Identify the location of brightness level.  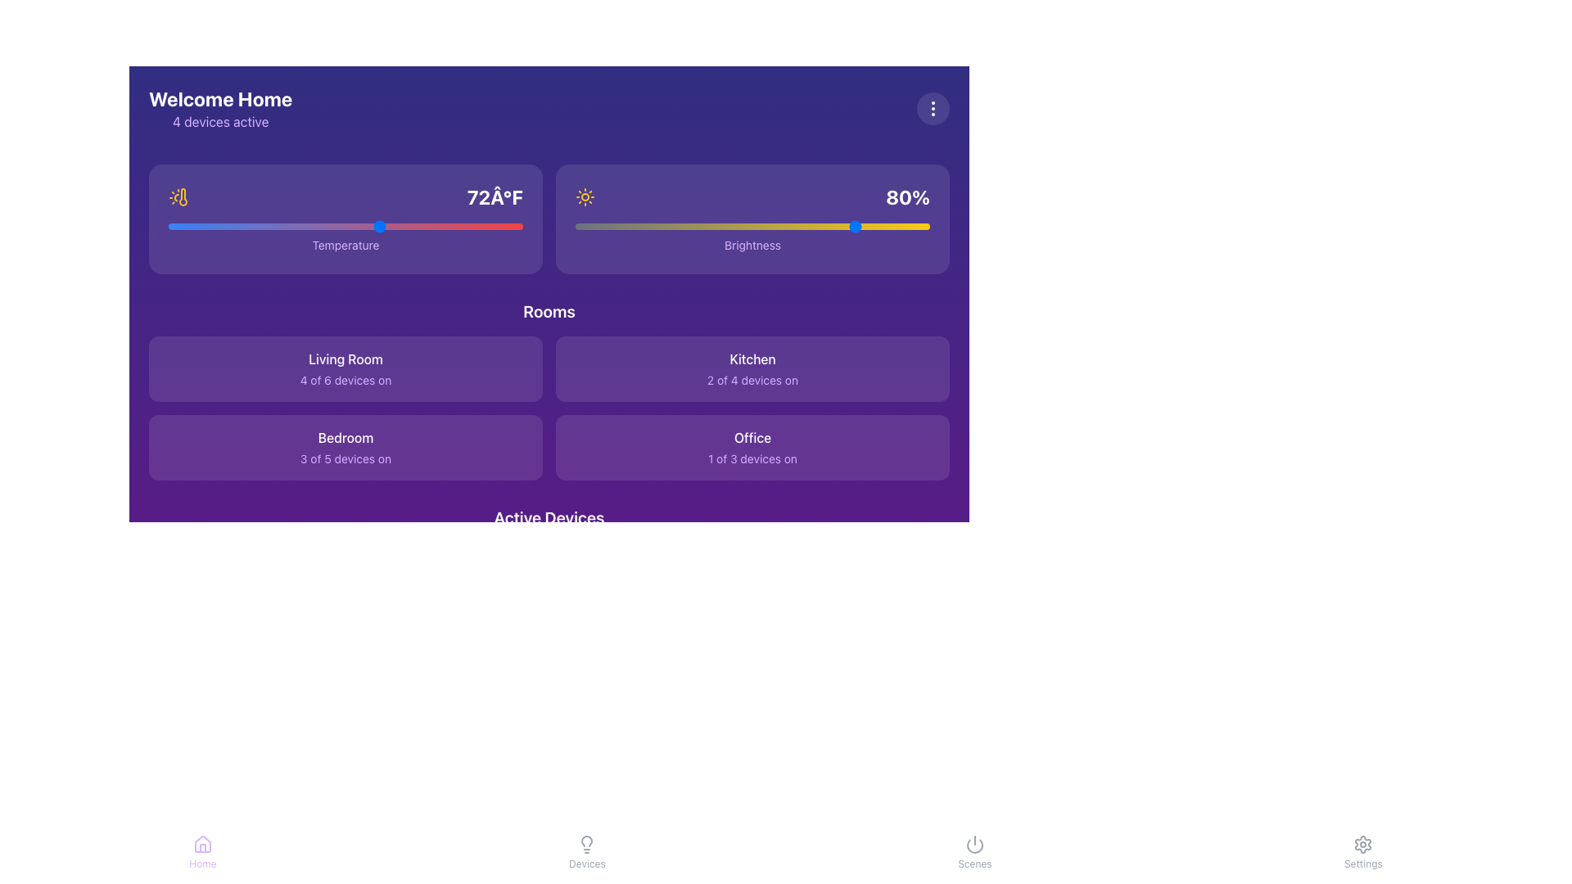
(792, 227).